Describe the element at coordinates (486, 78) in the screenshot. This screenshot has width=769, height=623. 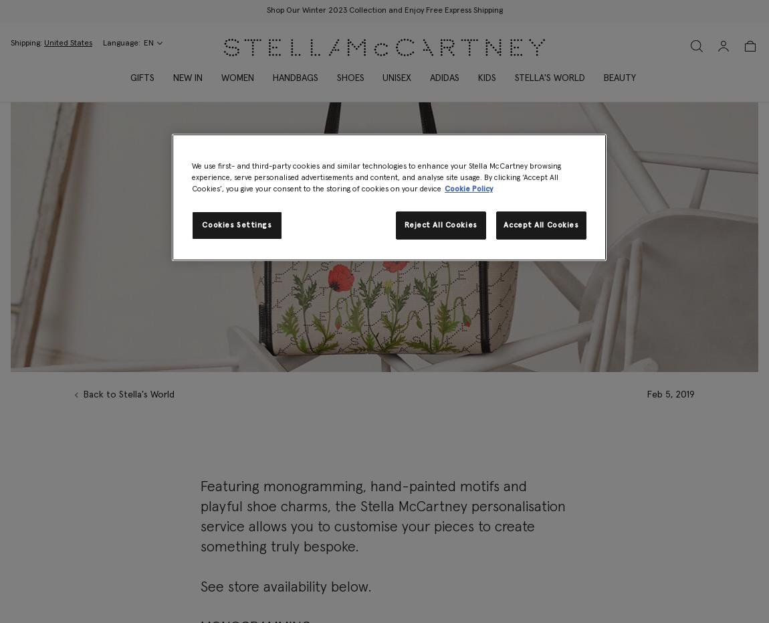
I see `'KIDS'` at that location.